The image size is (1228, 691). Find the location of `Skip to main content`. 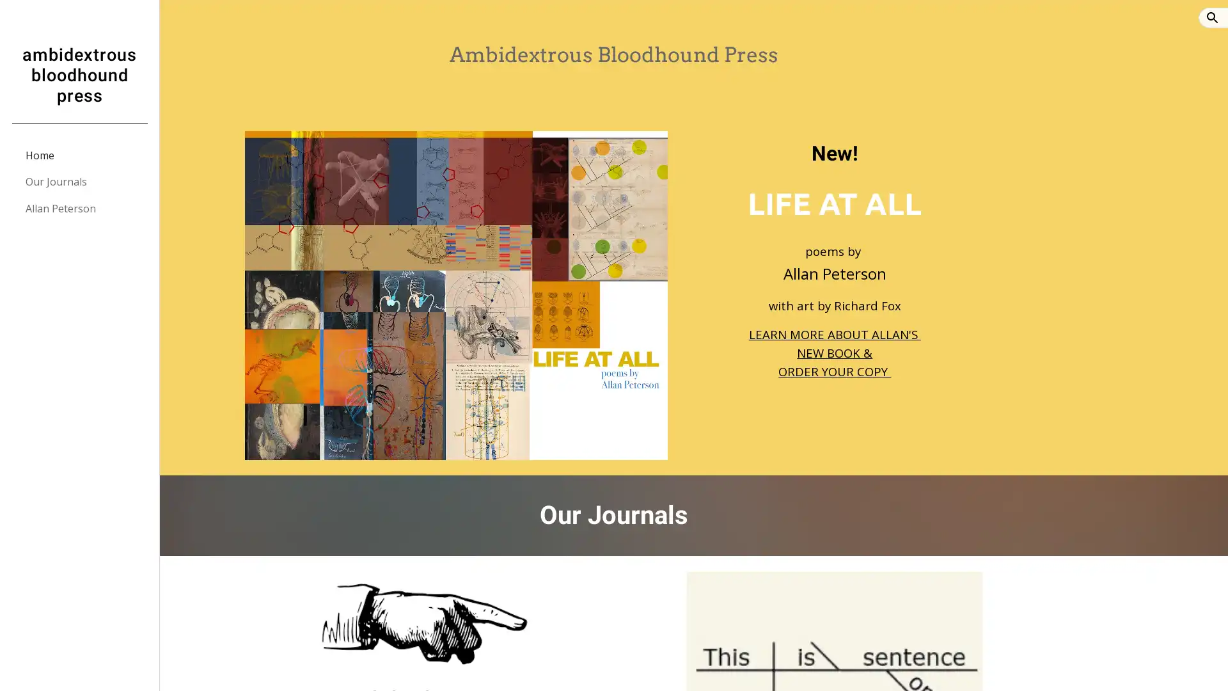

Skip to main content is located at coordinates (503, 24).